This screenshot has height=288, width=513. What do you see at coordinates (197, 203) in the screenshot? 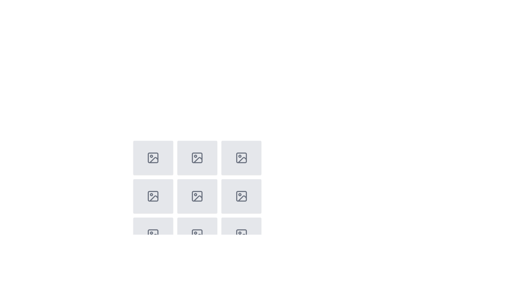
I see `the image placeholder component, which is the fifth item in a 3x3 grid layout and positioned in the middle row, center column` at bounding box center [197, 203].